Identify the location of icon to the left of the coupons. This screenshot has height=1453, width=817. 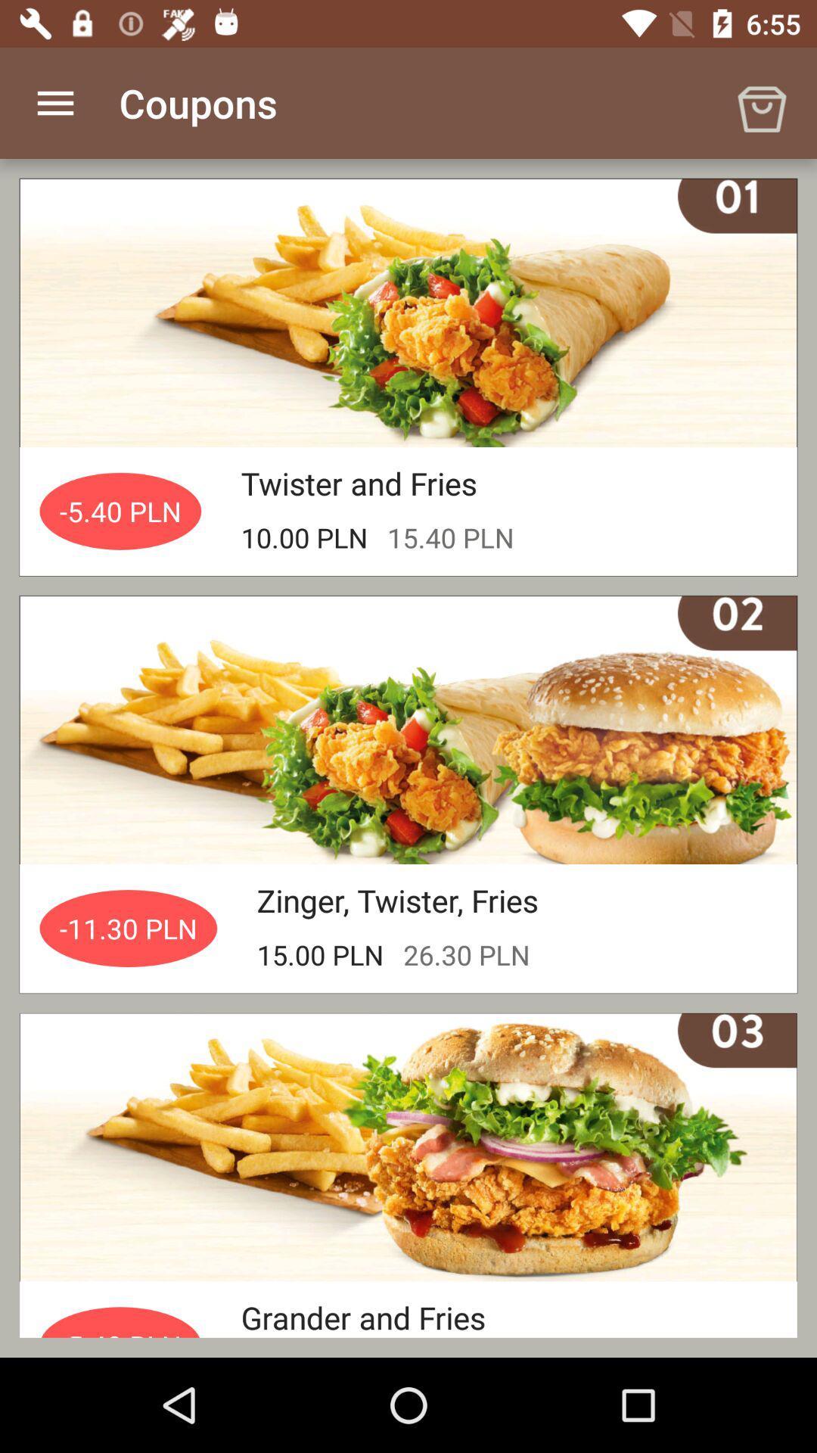
(54, 102).